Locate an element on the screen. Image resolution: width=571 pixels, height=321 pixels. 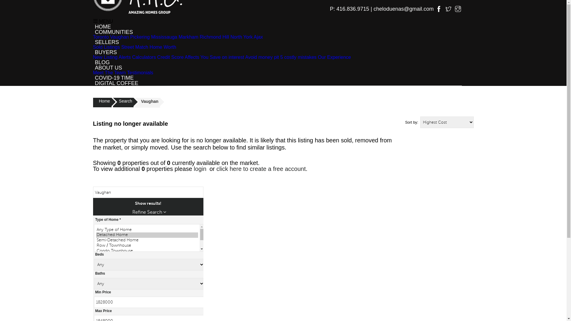
'Street Match' is located at coordinates (121, 47).